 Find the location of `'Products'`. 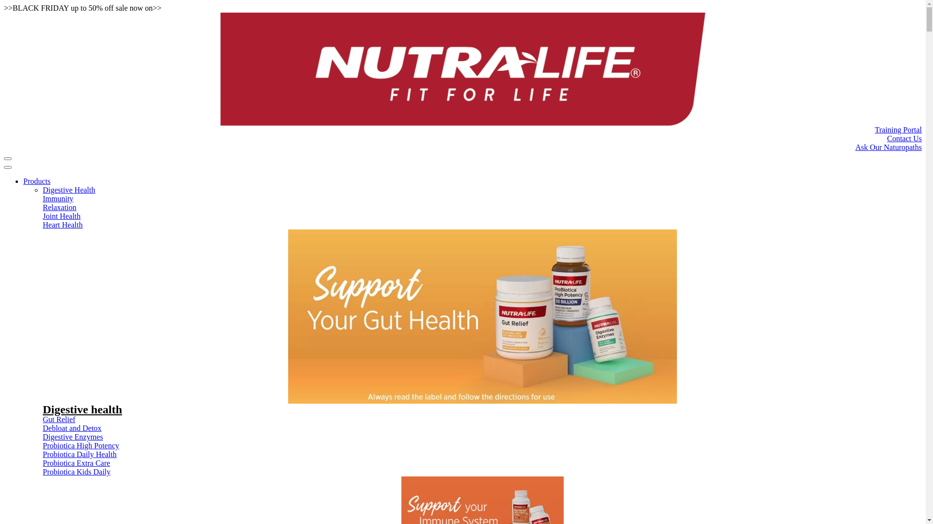

'Products' is located at coordinates (37, 181).